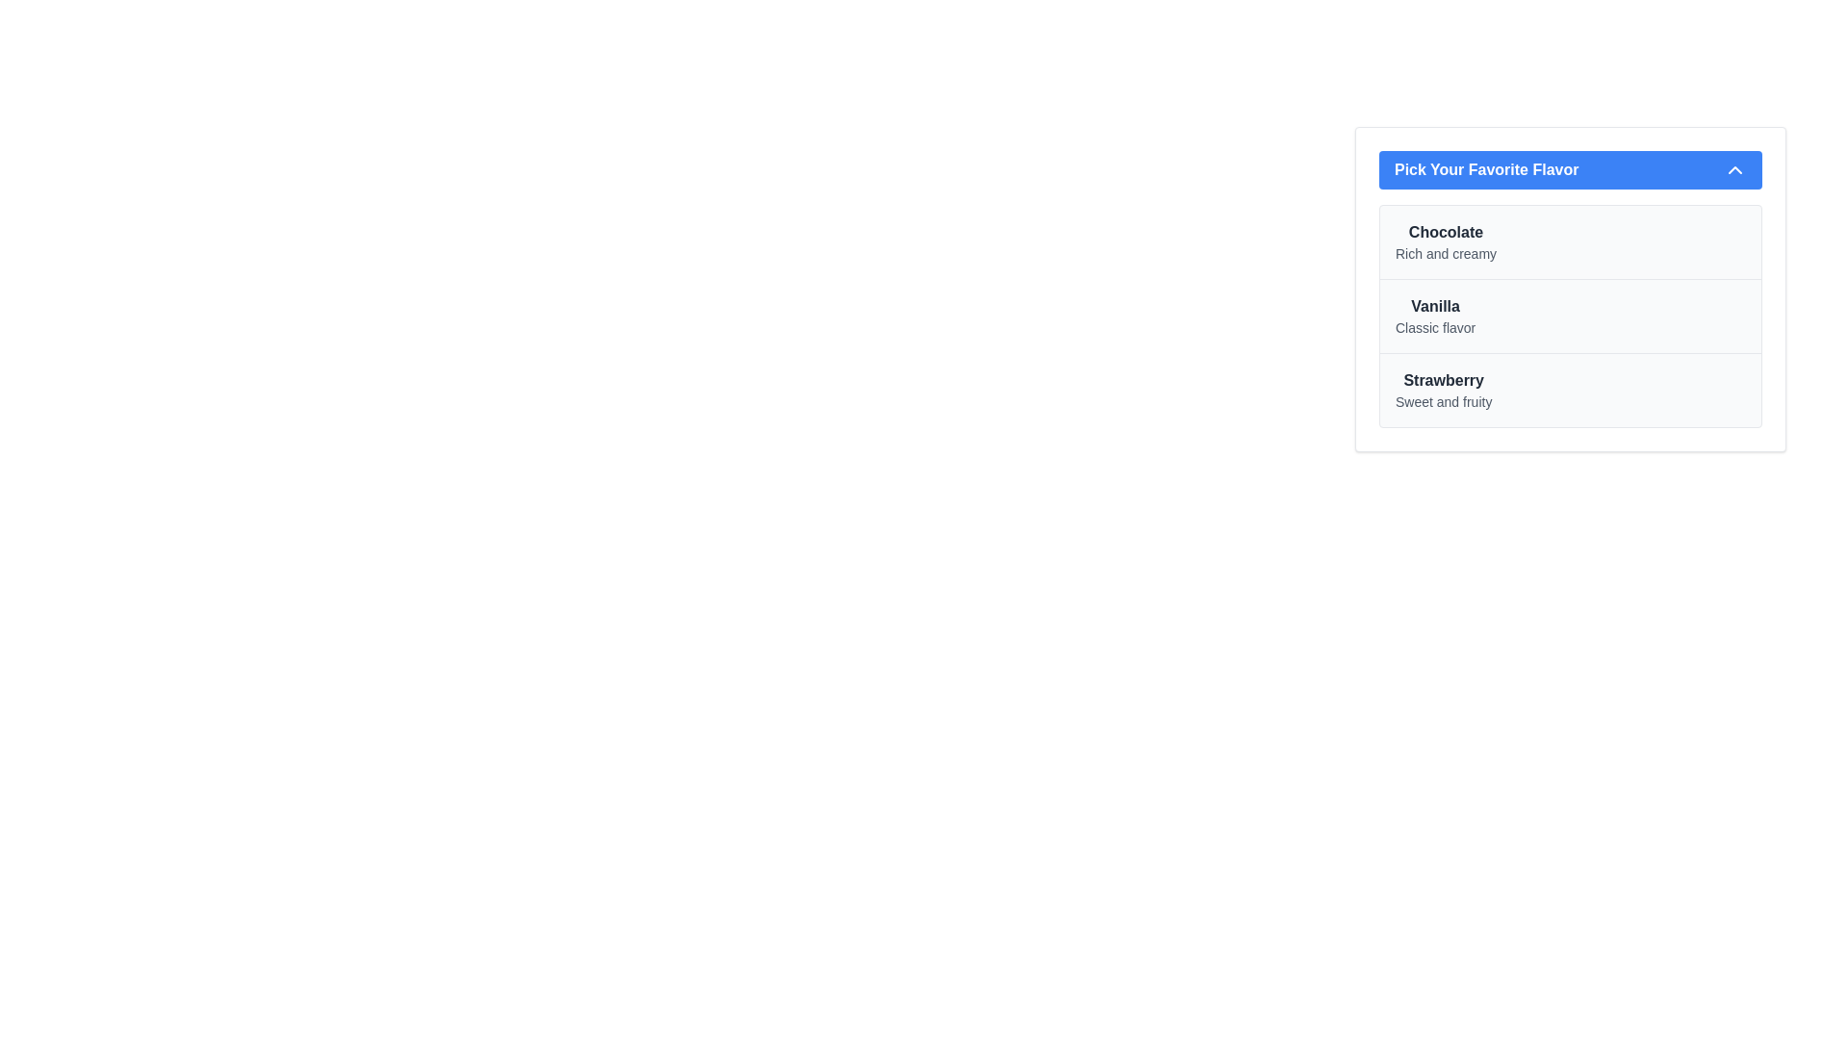  What do you see at coordinates (1435, 315) in the screenshot?
I see `the 'Vanilla' text label in the dropdown menu 'Pick Your Favorite Flavor', which is styled prominently and bold, and is positioned below the 'Chocolate' option` at bounding box center [1435, 315].